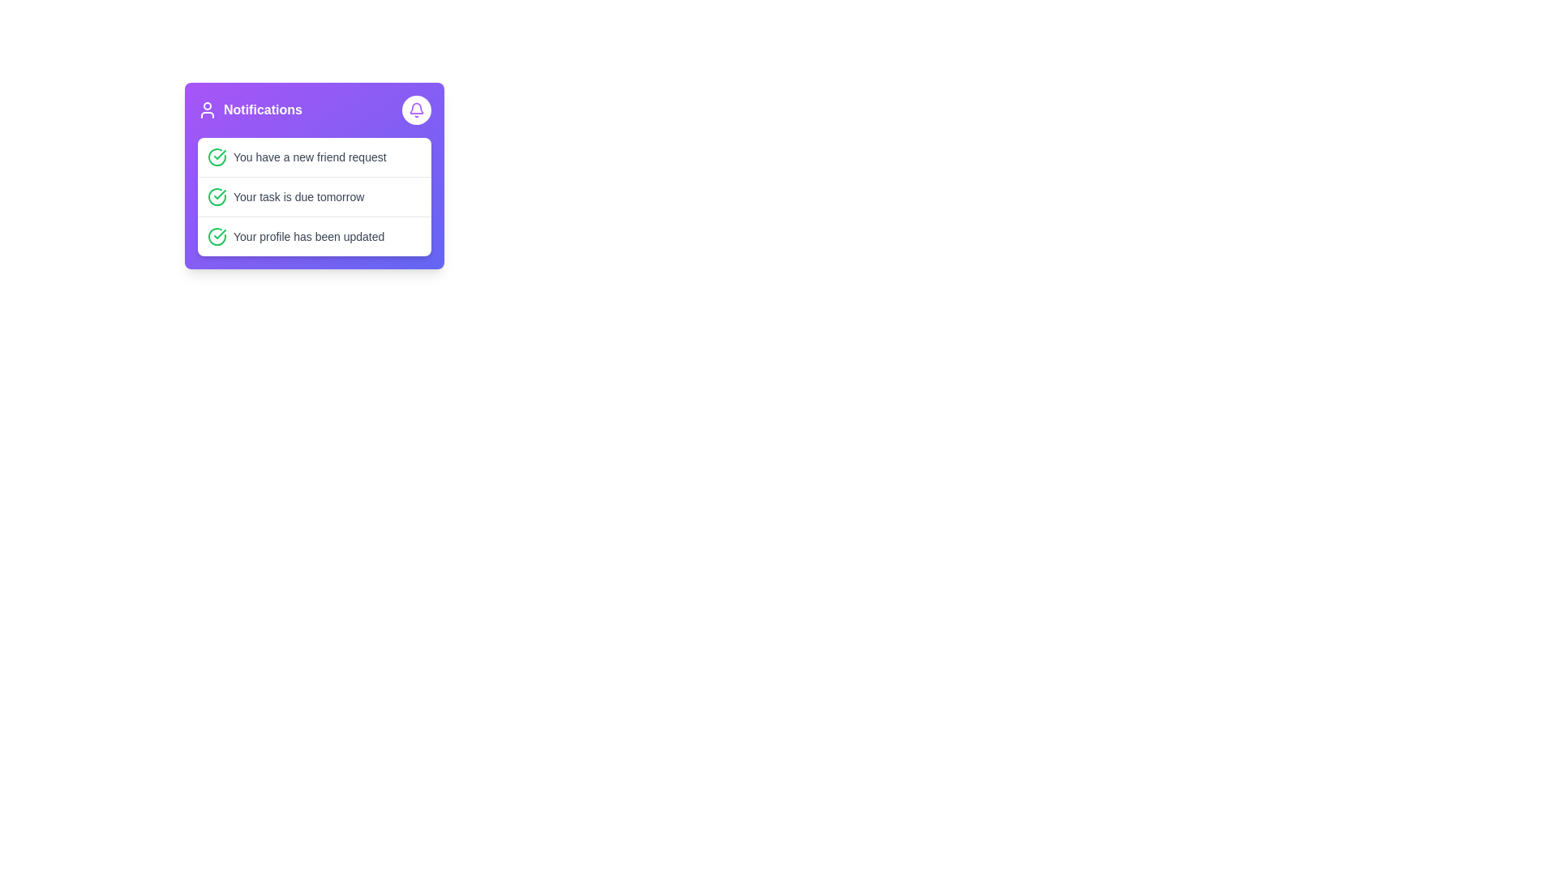 Image resolution: width=1557 pixels, height=876 pixels. Describe the element at coordinates (217, 237) in the screenshot. I see `the circular green-bordered icon with a checkmark located to the left of the text 'Your profile has been updated' in the Notifications section` at that location.